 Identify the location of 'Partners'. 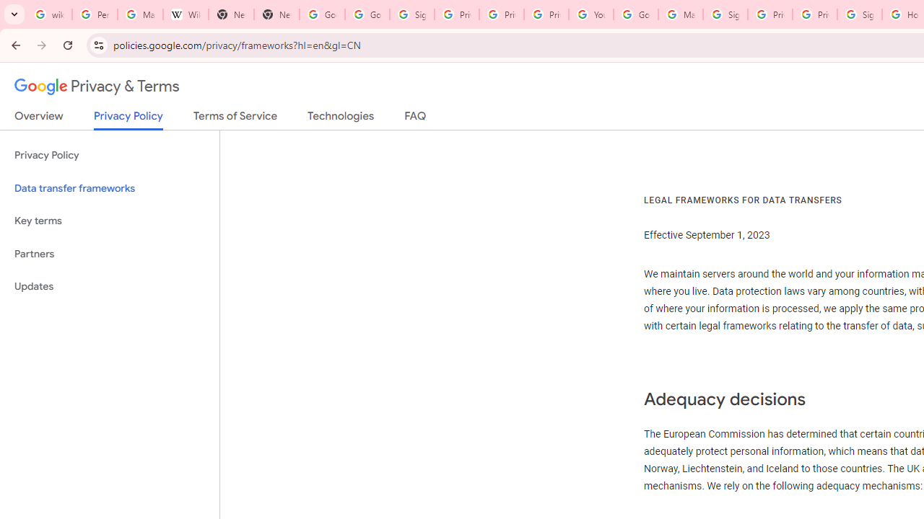
(109, 253).